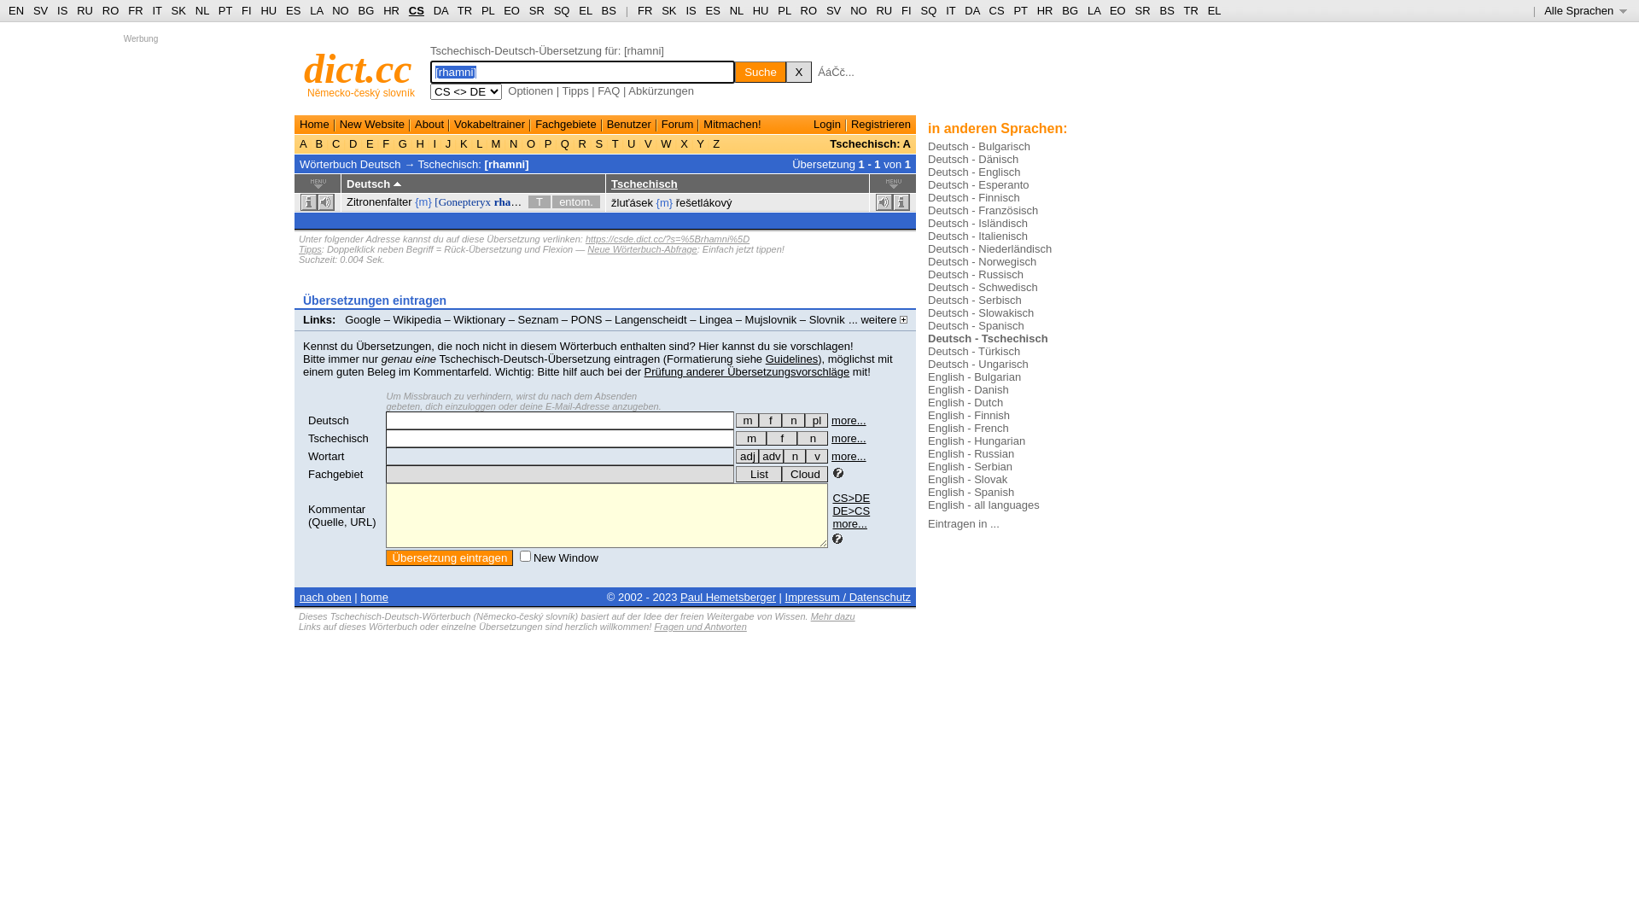 The width and height of the screenshot is (1639, 922). Describe the element at coordinates (487, 143) in the screenshot. I see `'M'` at that location.